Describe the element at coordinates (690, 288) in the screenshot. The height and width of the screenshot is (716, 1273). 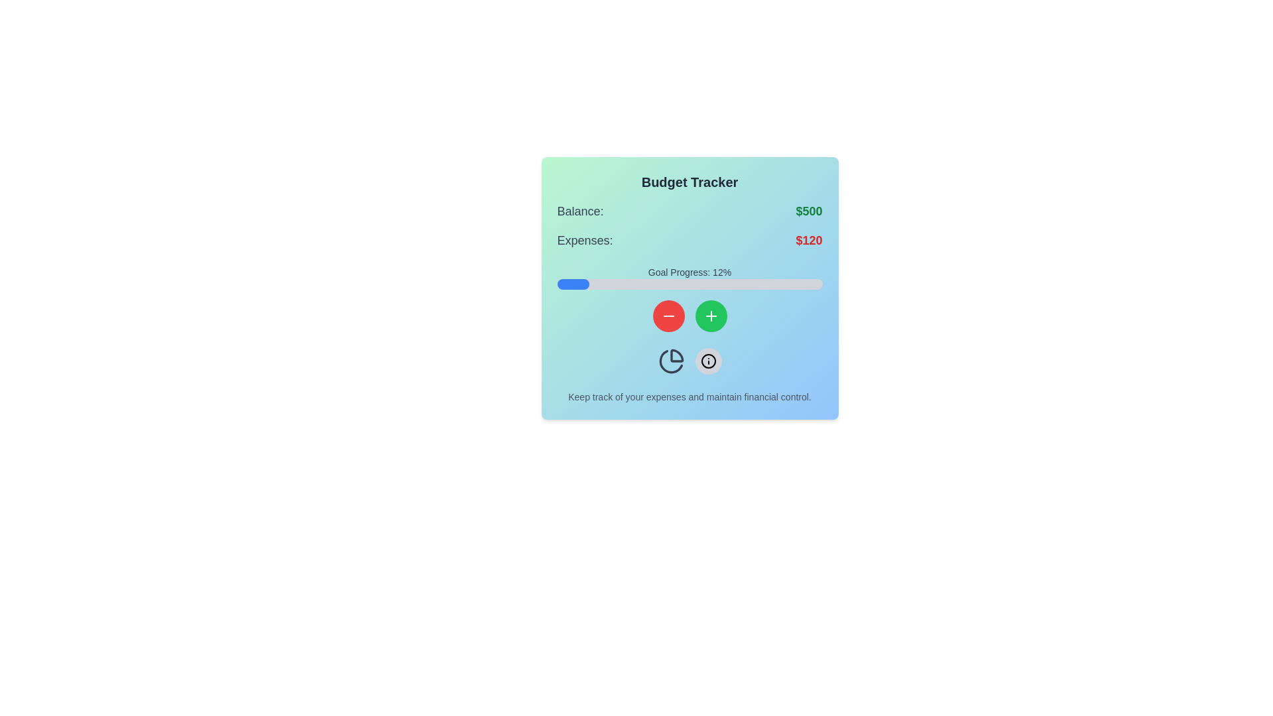
I see `the buttons on the financial operations card, which features a gradient background and various embedded controls, located at the center of the interface` at that location.